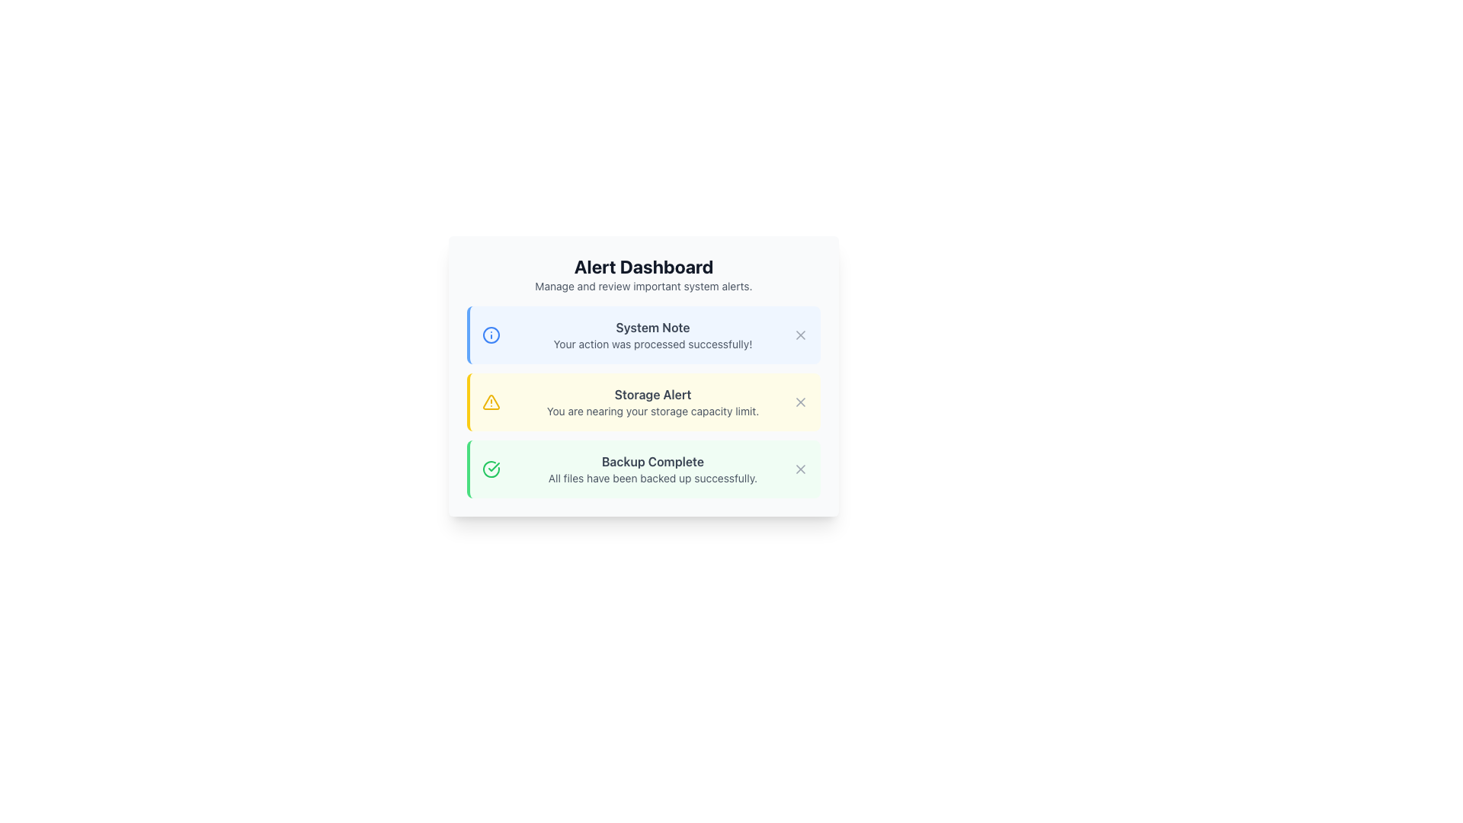 The image size is (1463, 823). What do you see at coordinates (643, 273) in the screenshot?
I see `text from the Text Block containing the title 'Alert Dashboard' and the subtitle 'Manage and review important system alerts.'` at bounding box center [643, 273].